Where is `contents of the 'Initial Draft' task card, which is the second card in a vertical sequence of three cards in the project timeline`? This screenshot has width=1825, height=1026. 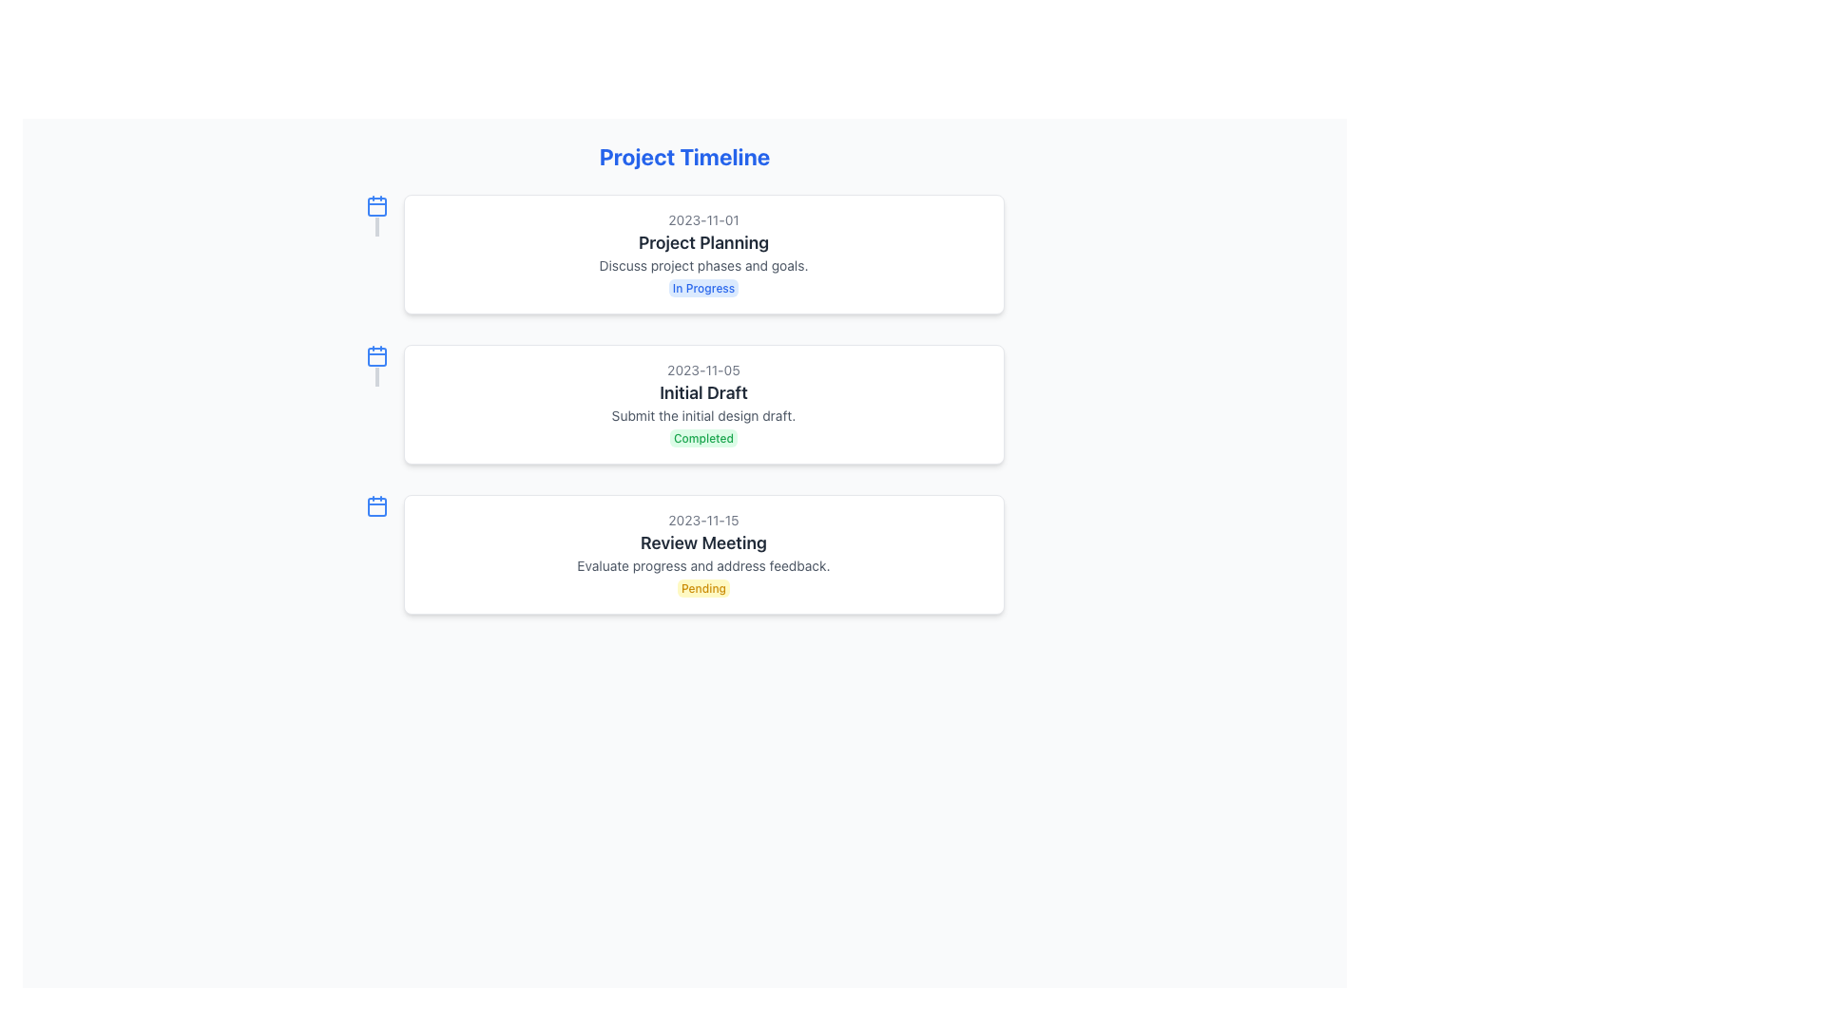 contents of the 'Initial Draft' task card, which is the second card in a vertical sequence of three cards in the project timeline is located at coordinates (684, 403).